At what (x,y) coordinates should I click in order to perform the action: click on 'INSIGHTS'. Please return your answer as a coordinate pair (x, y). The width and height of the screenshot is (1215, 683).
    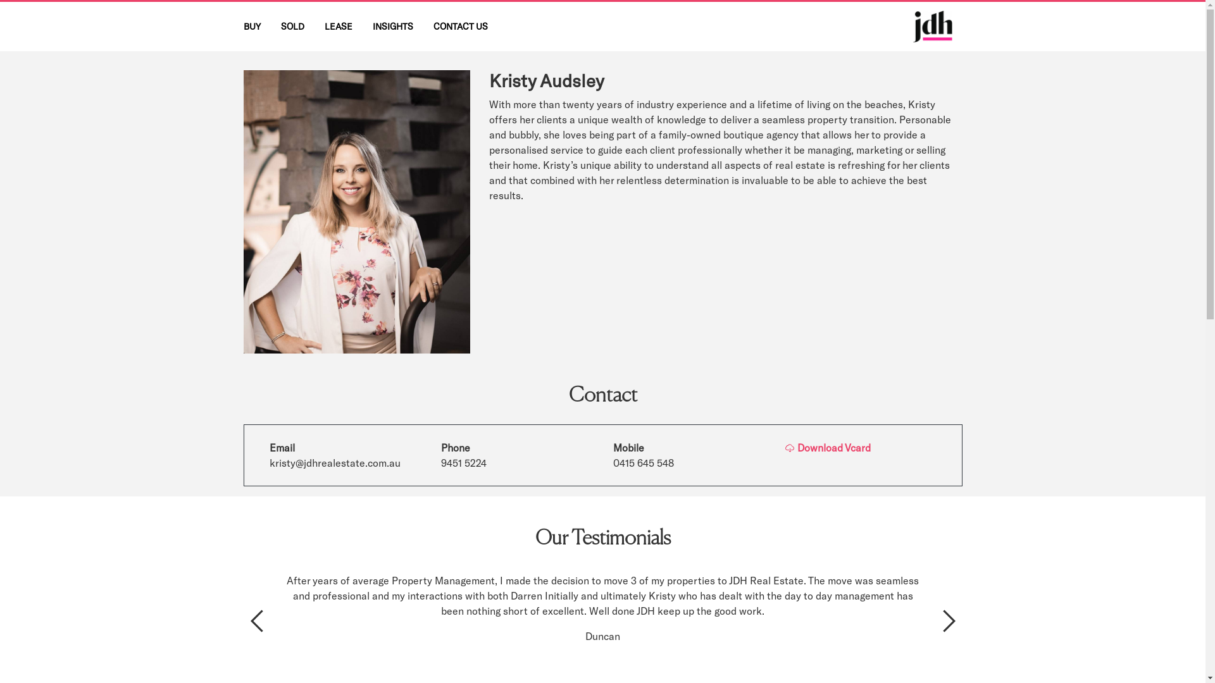
    Looking at the image, I should click on (391, 27).